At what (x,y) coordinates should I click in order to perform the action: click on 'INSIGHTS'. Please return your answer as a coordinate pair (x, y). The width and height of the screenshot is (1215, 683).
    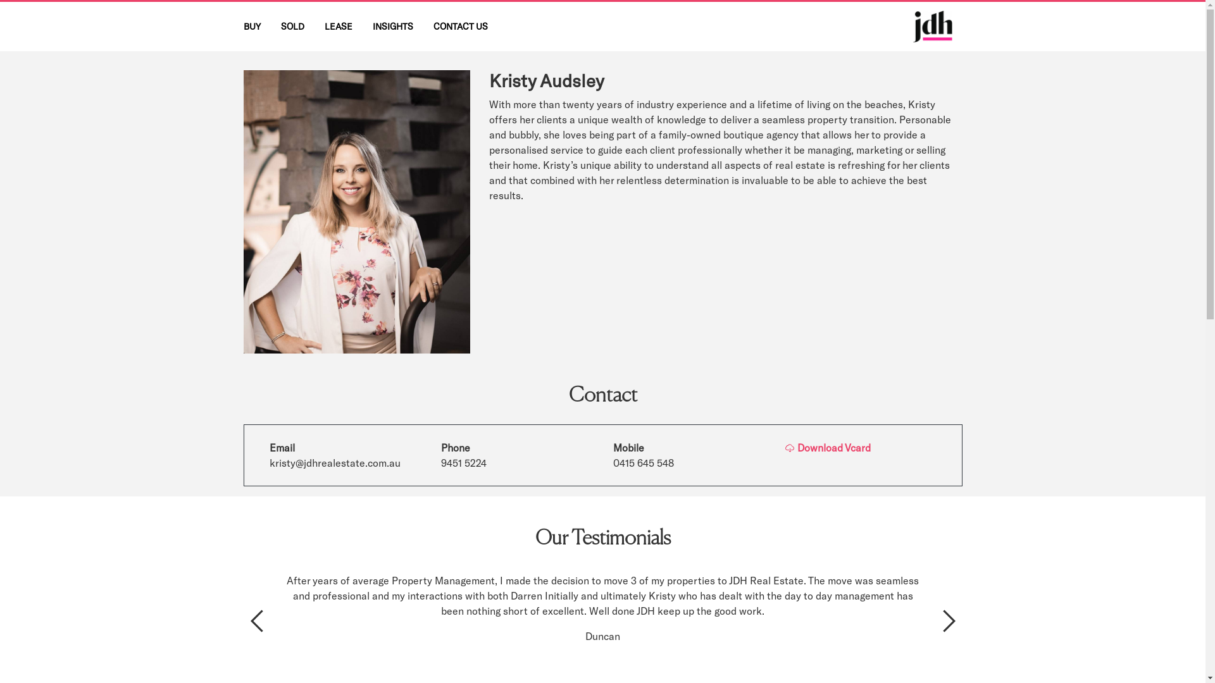
    Looking at the image, I should click on (391, 27).